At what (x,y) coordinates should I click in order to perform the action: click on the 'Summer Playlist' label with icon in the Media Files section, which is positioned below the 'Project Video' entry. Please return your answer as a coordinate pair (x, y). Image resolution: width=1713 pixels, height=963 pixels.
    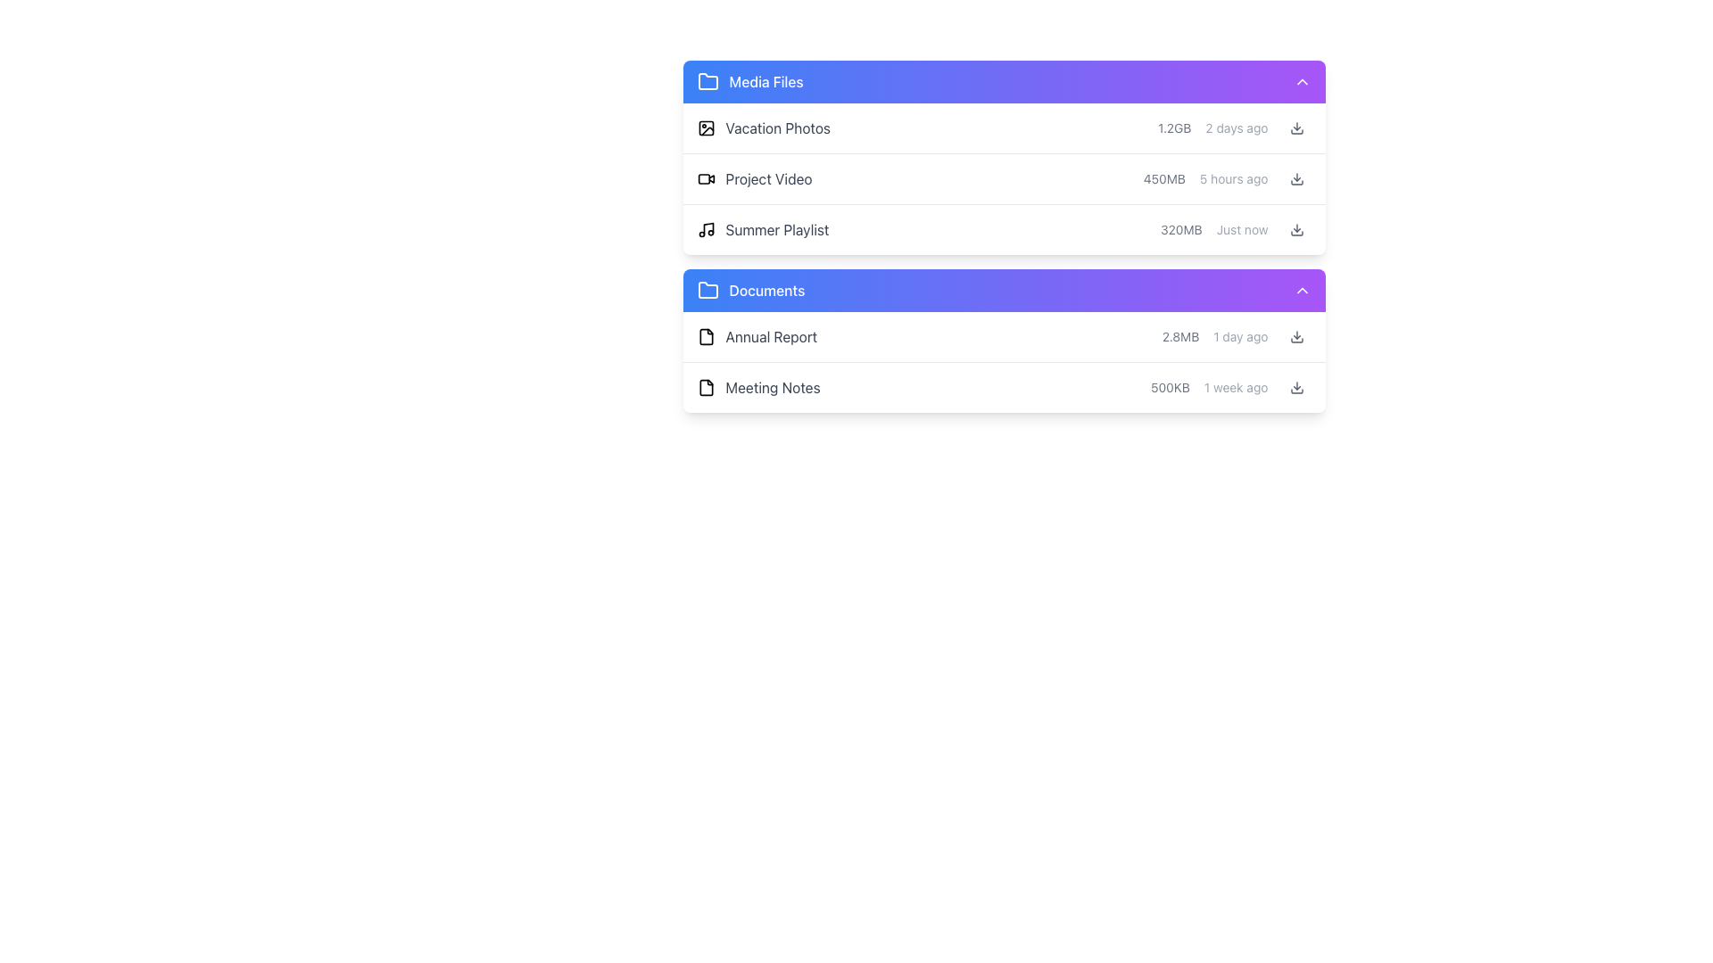
    Looking at the image, I should click on (763, 229).